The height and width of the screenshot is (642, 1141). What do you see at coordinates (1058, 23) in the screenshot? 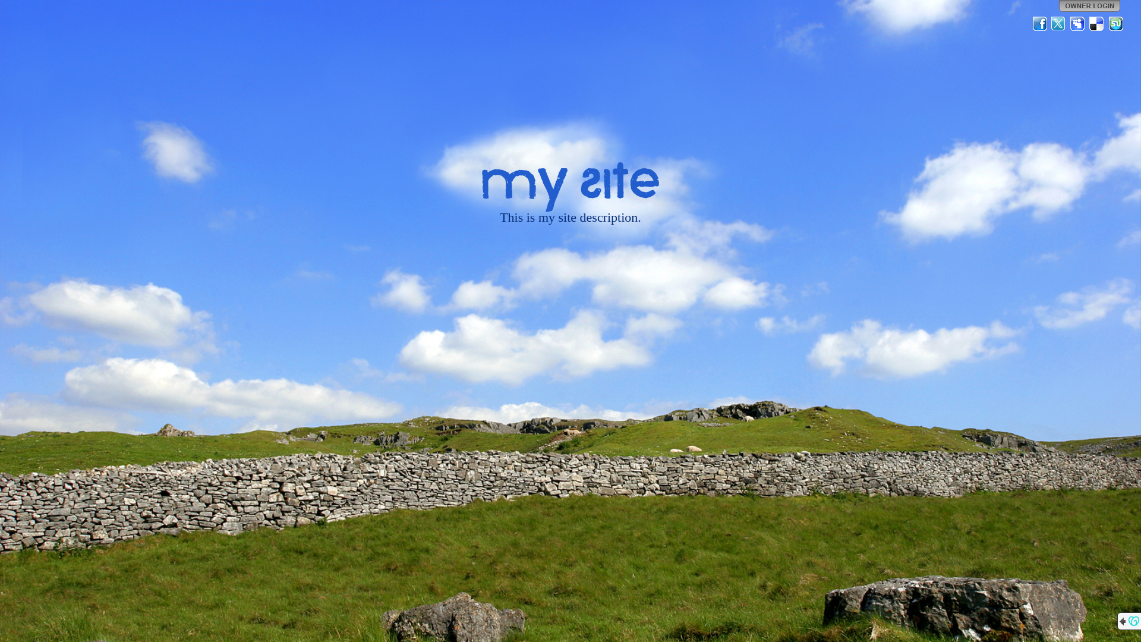
I see `'Twitter'` at bounding box center [1058, 23].